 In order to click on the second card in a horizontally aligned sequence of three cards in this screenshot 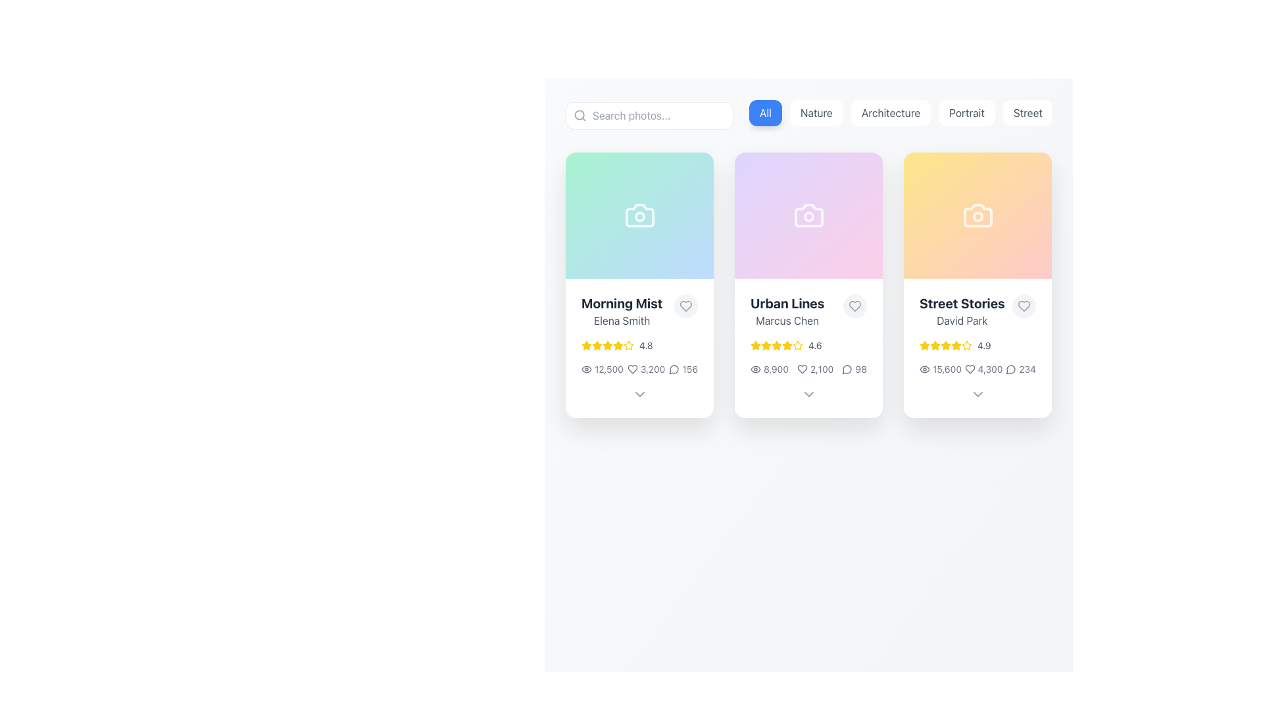, I will do `click(808, 258)`.